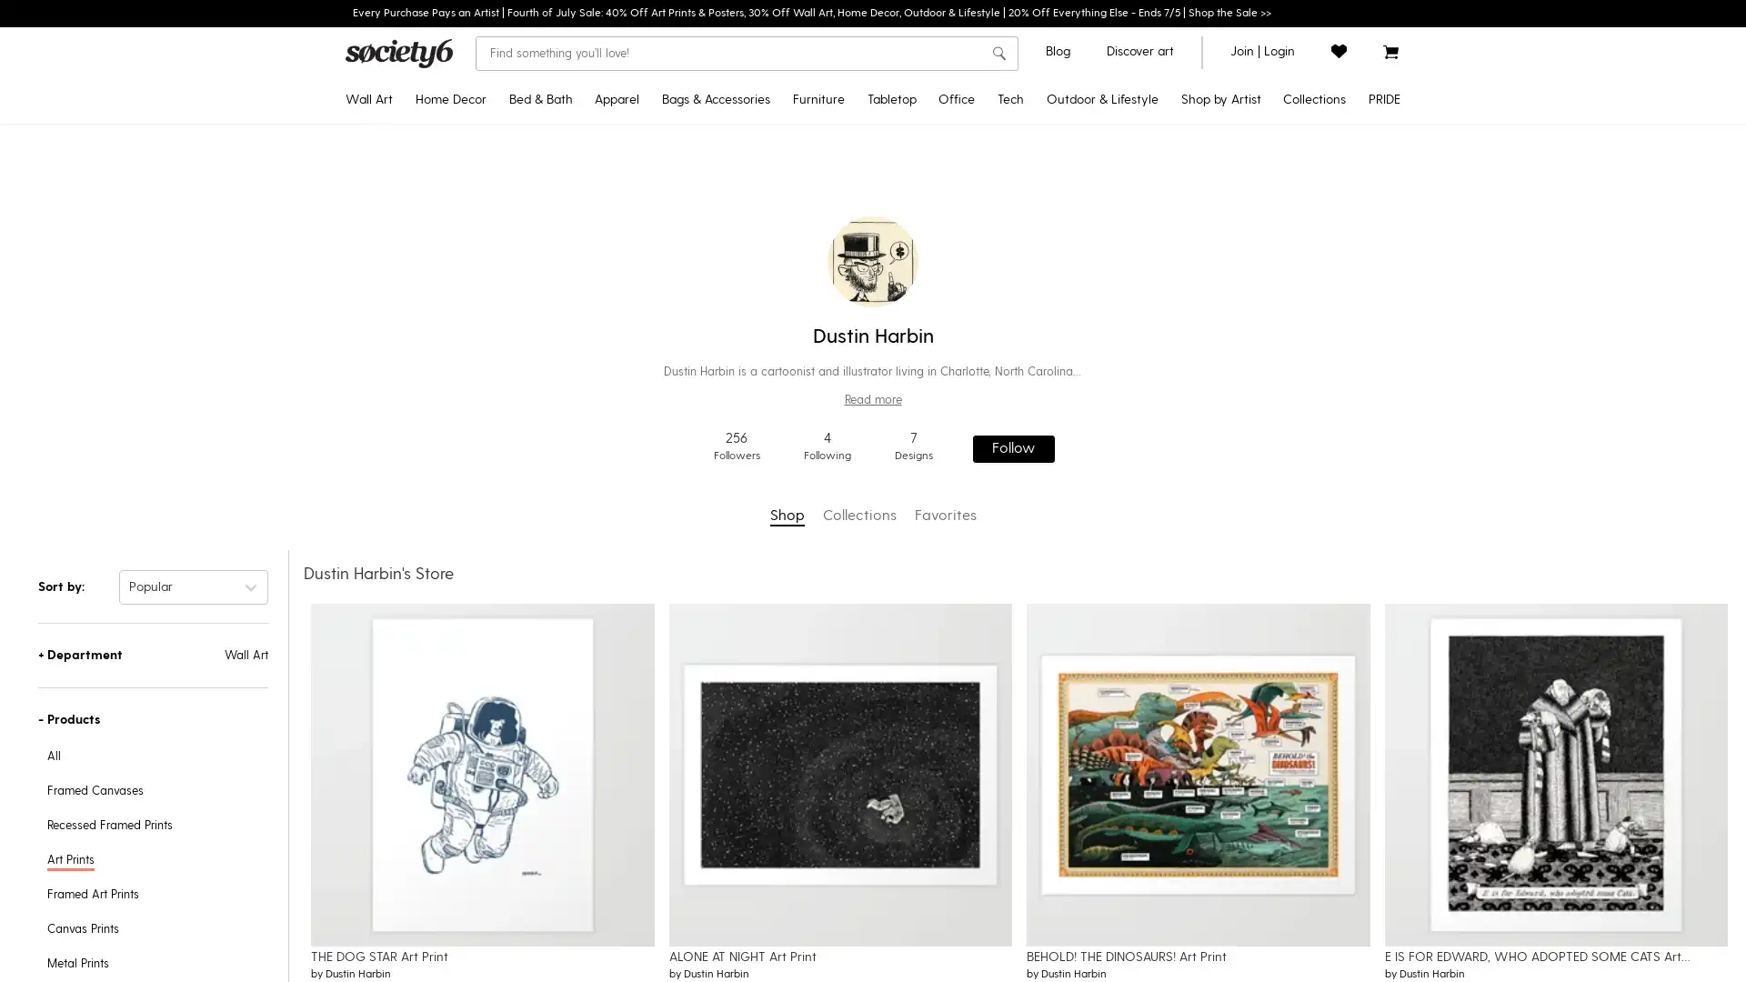 The image size is (1746, 982). Describe the element at coordinates (1009, 100) in the screenshot. I see `Tech` at that location.